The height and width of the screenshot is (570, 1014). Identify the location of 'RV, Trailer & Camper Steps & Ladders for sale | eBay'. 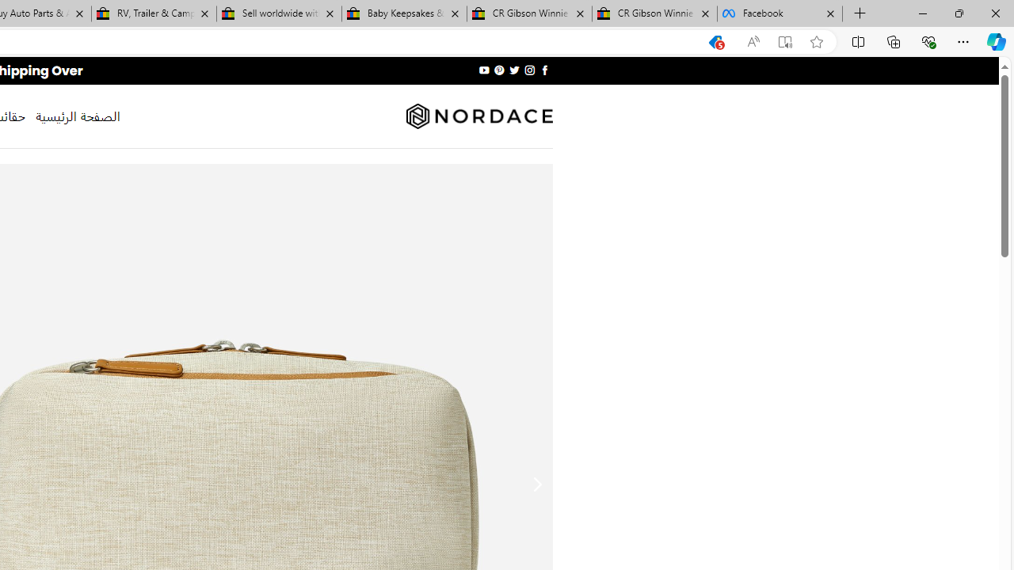
(154, 13).